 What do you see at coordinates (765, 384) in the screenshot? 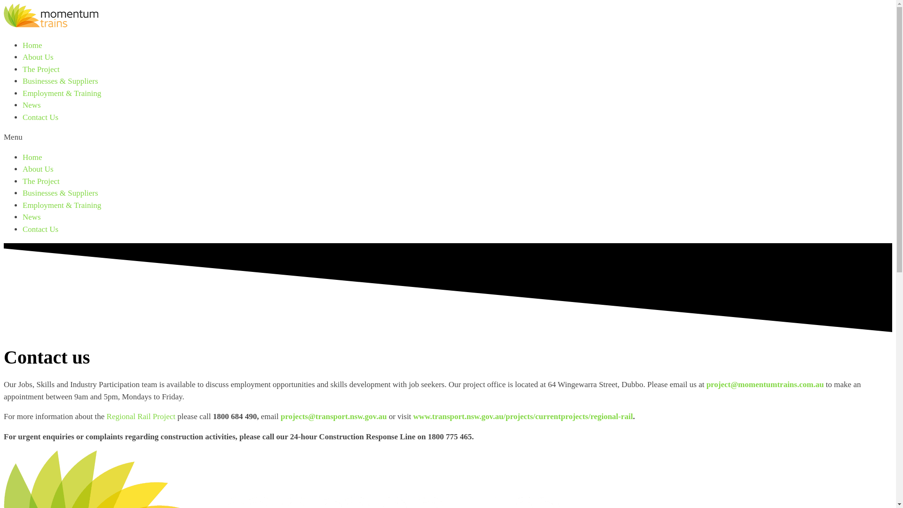
I see `'project@momentumtrains.com.au'` at bounding box center [765, 384].